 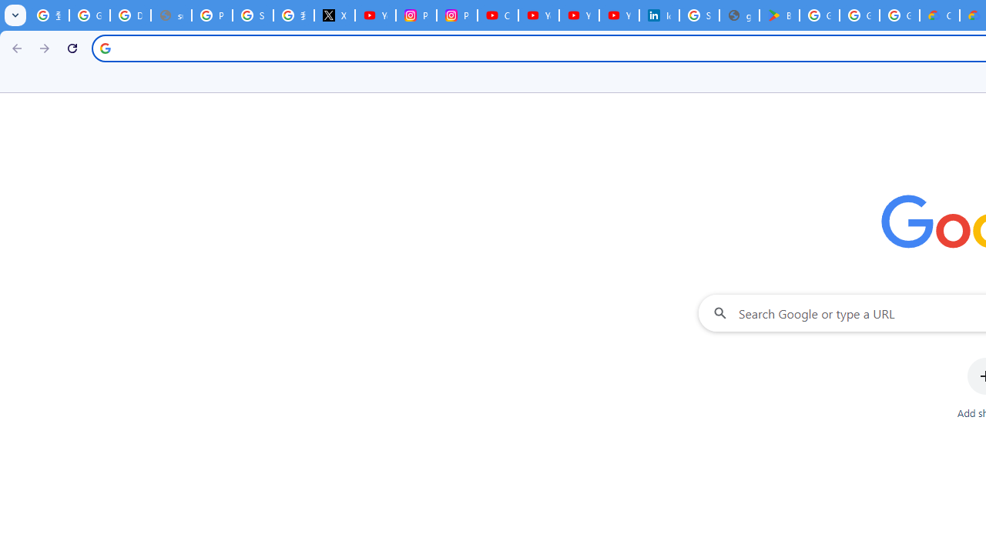 I want to click on 'YouTube Content Monetization Policies - How YouTube Works', so click(x=375, y=15).